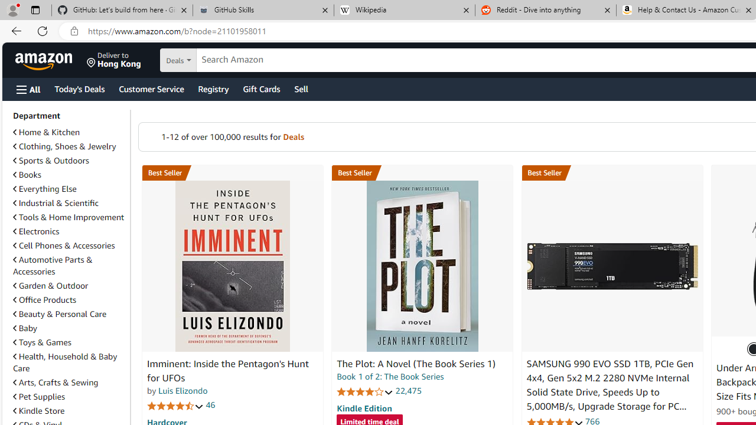  Describe the element at coordinates (38, 410) in the screenshot. I see `'Kindle Store'` at that location.